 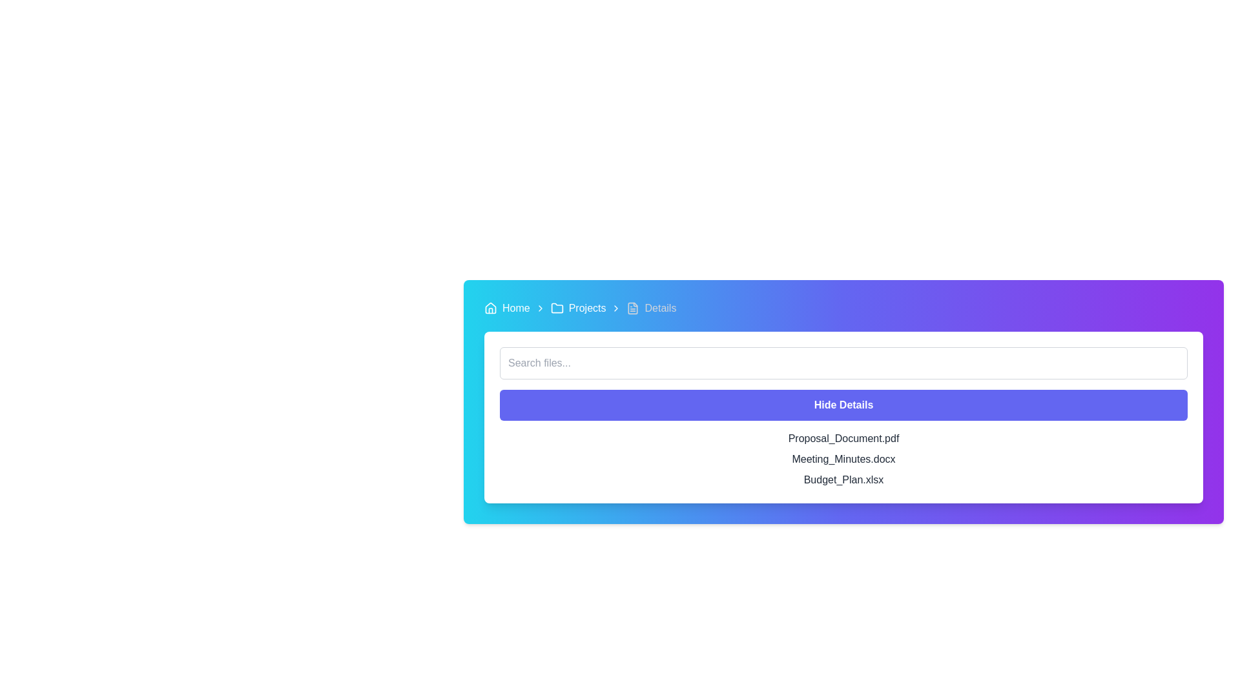 What do you see at coordinates (843, 405) in the screenshot?
I see `the 'Hide Details' button, which is a rectangular button with a blue background and white text` at bounding box center [843, 405].